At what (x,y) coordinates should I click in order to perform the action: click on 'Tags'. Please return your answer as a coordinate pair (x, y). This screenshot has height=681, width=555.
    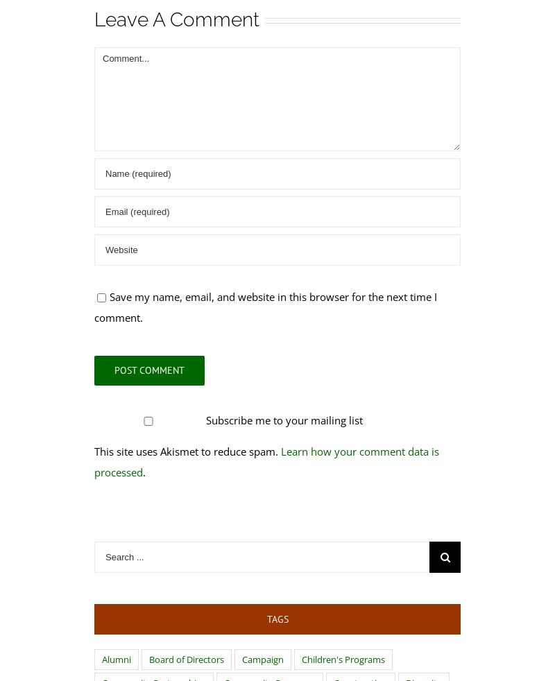
    Looking at the image, I should click on (266, 619).